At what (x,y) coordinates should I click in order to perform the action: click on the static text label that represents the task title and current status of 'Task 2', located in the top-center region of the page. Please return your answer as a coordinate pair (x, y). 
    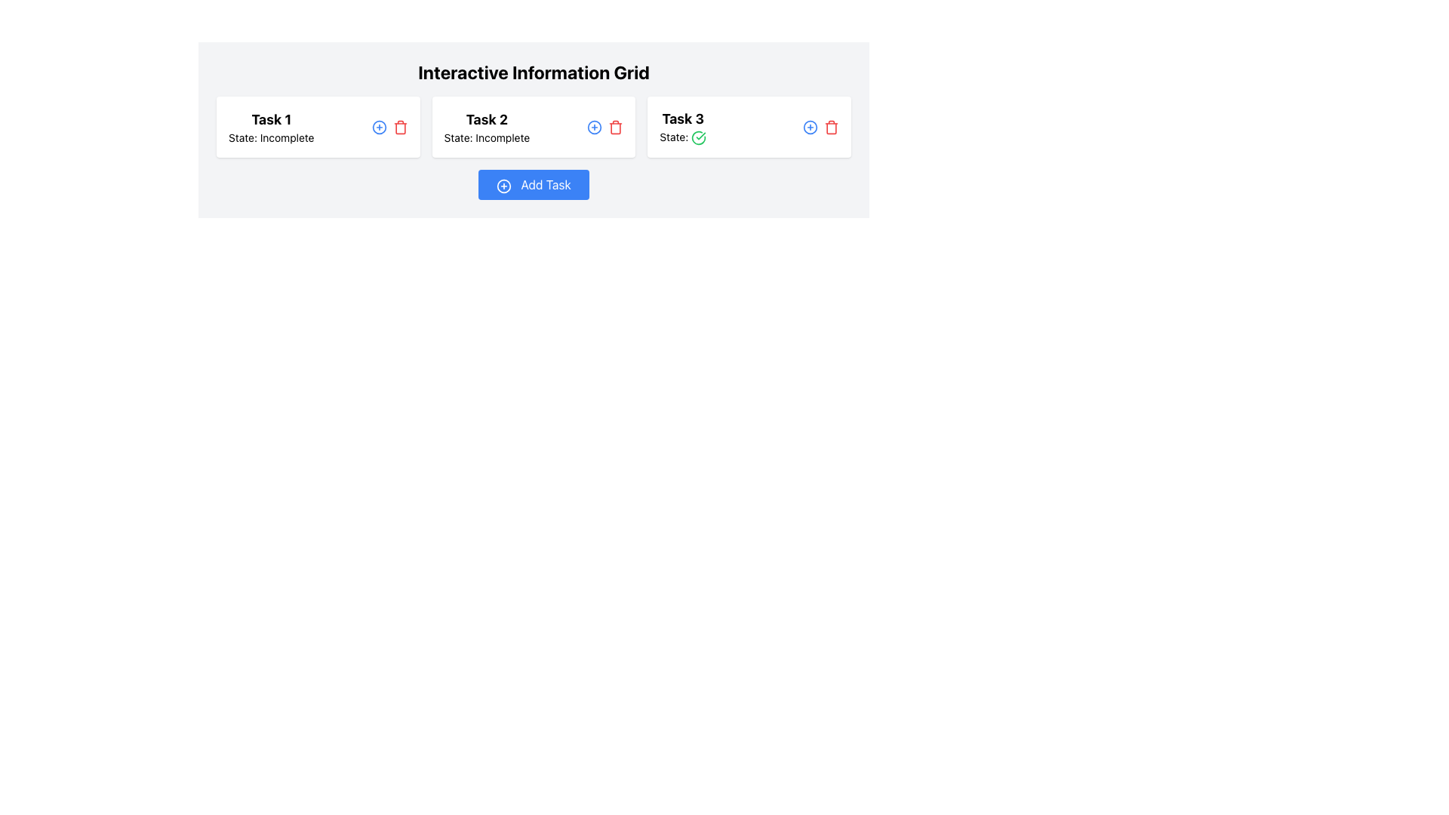
    Looking at the image, I should click on (487, 126).